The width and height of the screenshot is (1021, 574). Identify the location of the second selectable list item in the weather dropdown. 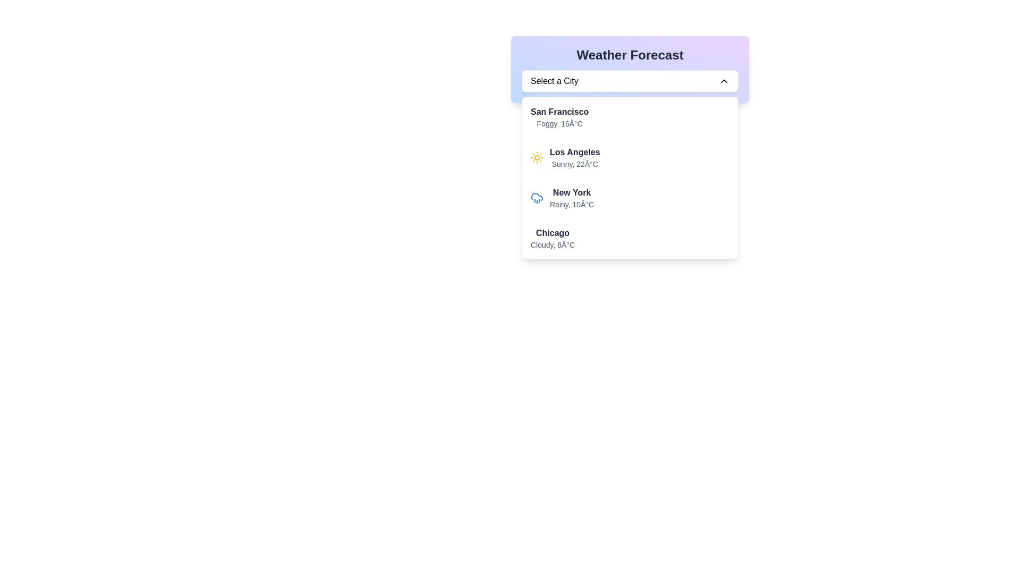
(630, 158).